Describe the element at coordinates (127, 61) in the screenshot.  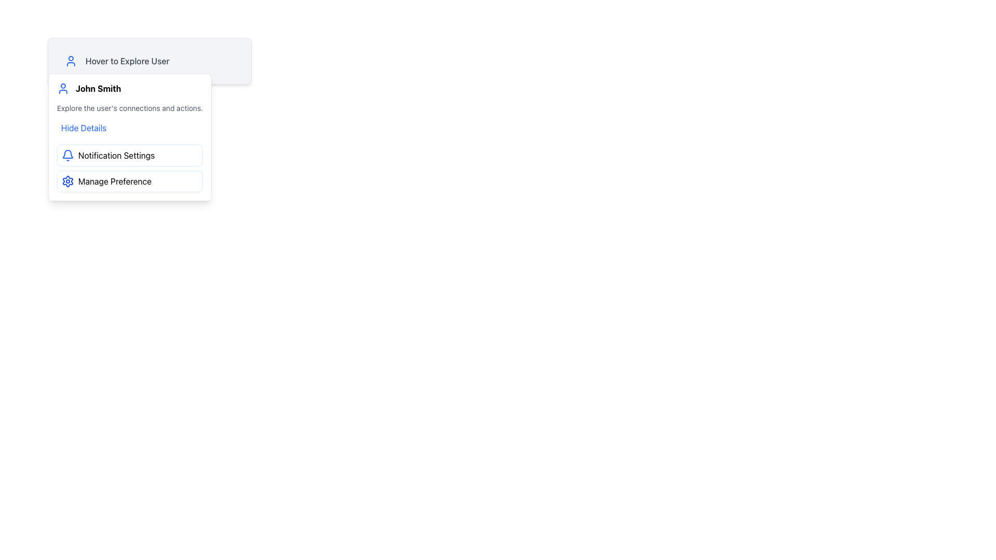
I see `the descriptive text label that indicates an action or feature associated with user exploration, located to the right of the user icon` at that location.